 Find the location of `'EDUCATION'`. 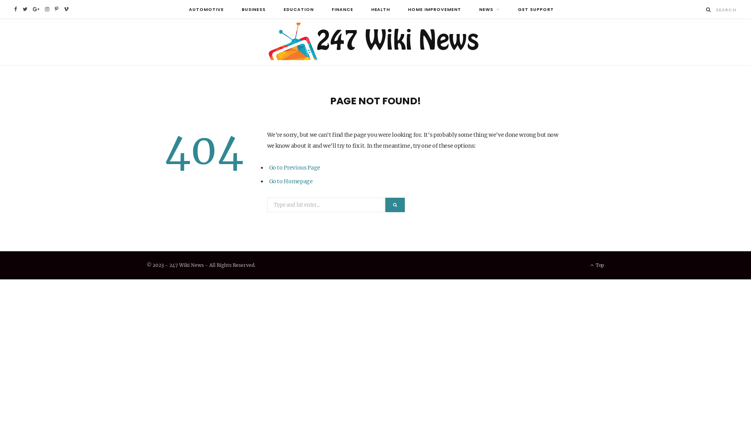

'EDUCATION' is located at coordinates (298, 9).